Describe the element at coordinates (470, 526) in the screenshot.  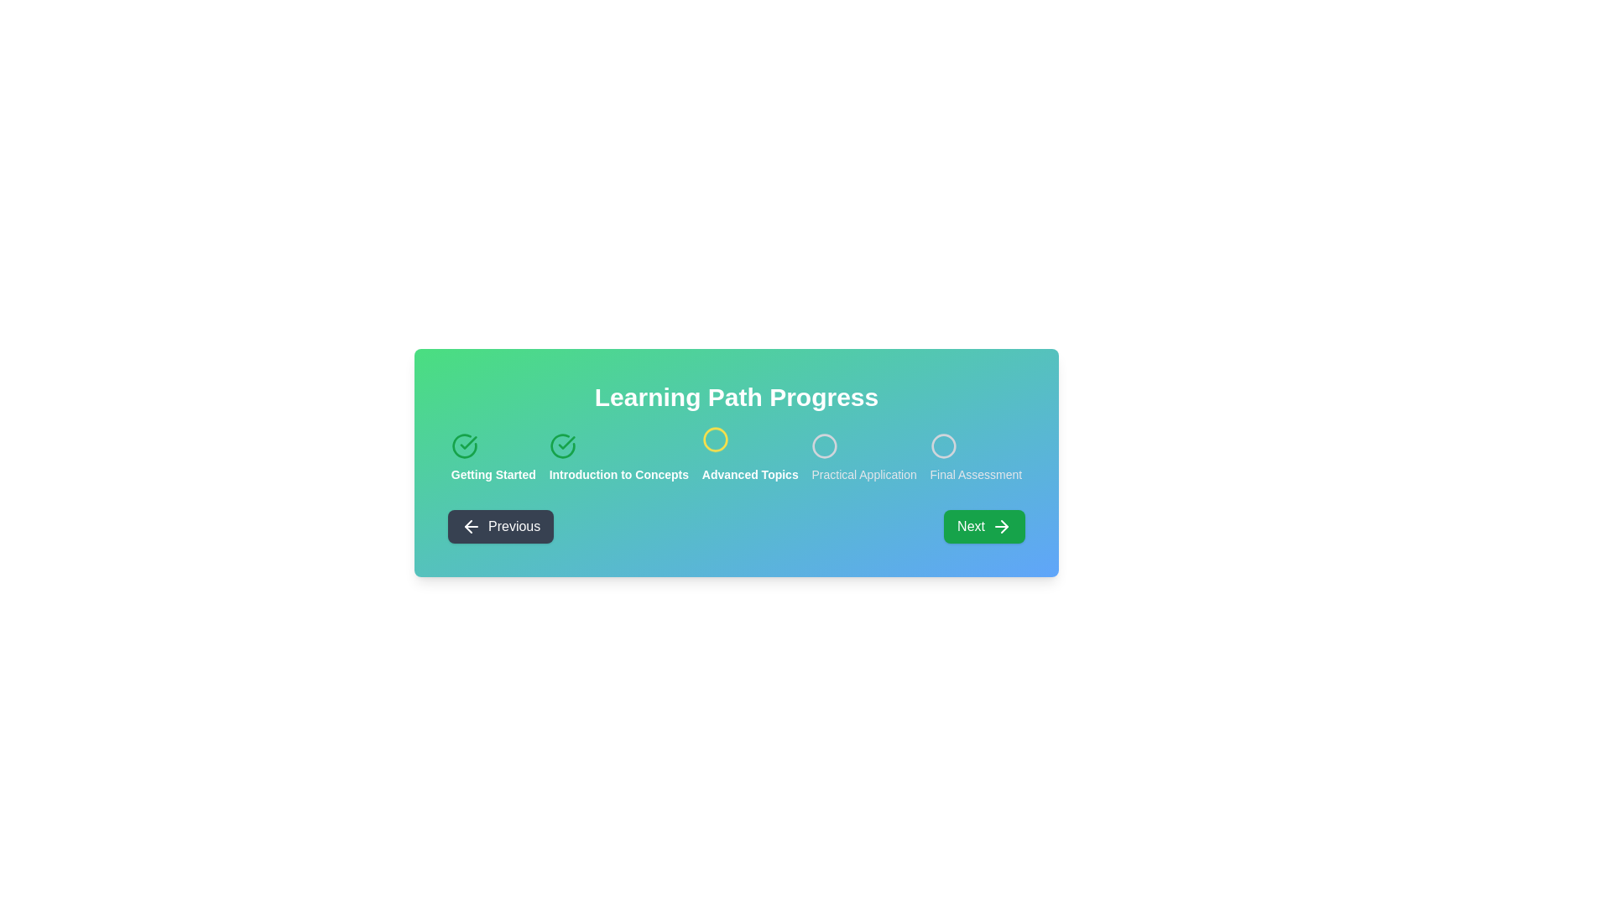
I see `the leftward arrow icon within the 'Previous' button` at that location.